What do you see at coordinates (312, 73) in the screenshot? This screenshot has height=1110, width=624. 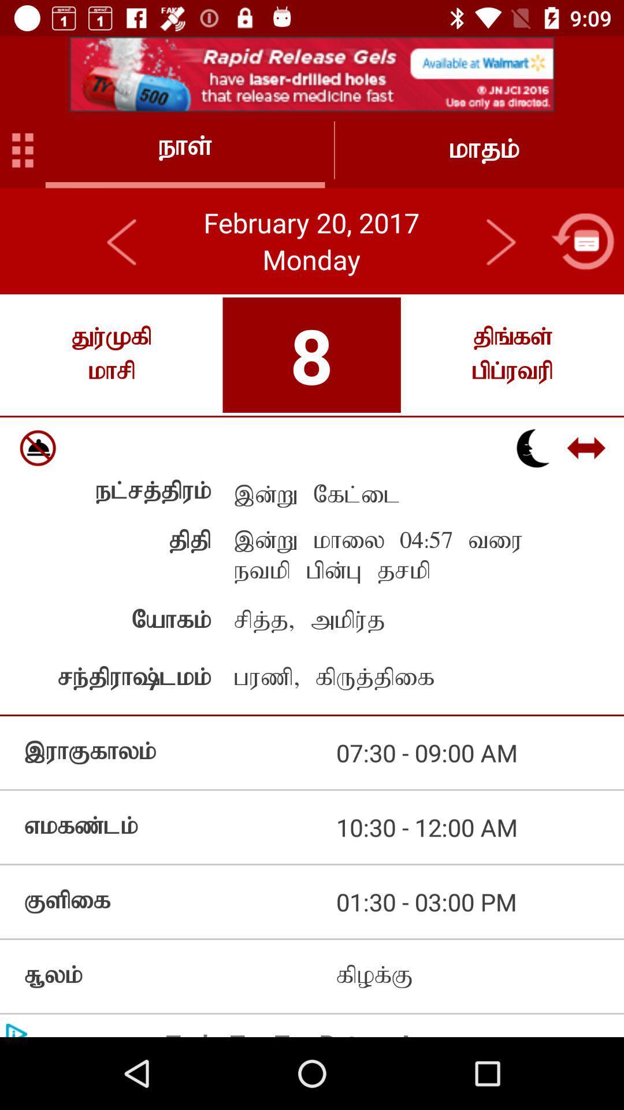 I see `advertisement` at bounding box center [312, 73].